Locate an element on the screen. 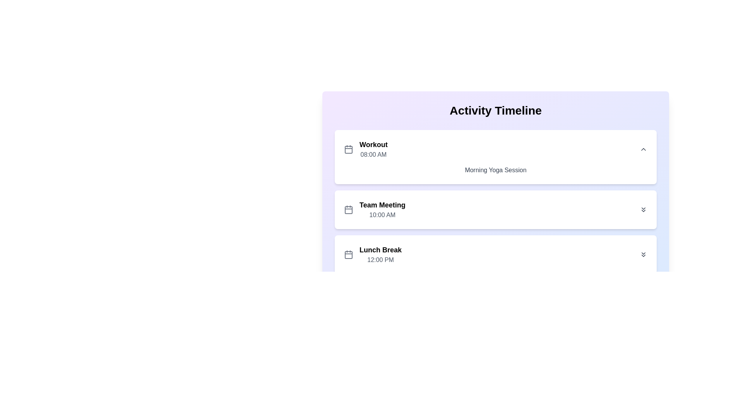 The image size is (743, 418). the downward double-chevron button in the 'Lunch Break' section of the 'Activity Timeline' is located at coordinates (643, 255).